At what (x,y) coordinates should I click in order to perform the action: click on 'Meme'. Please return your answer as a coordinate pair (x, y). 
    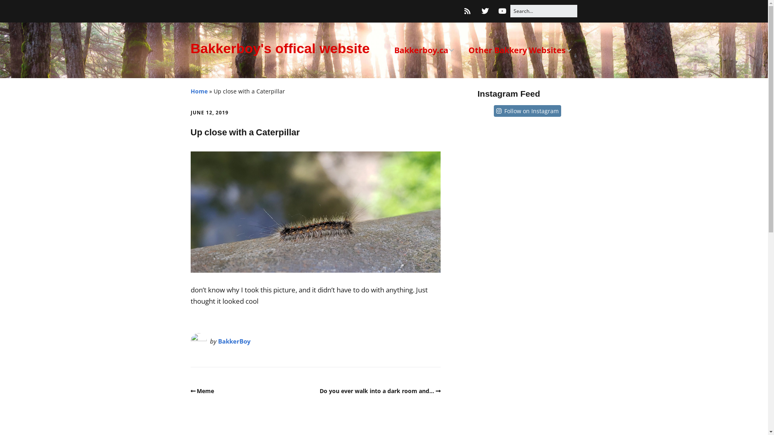
    Looking at the image, I should click on (202, 390).